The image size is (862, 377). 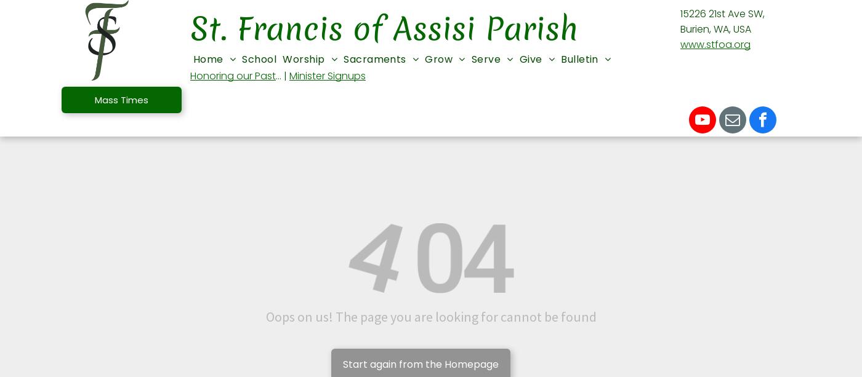 What do you see at coordinates (672, 280) in the screenshot?
I see `'Technology Outreach'` at bounding box center [672, 280].